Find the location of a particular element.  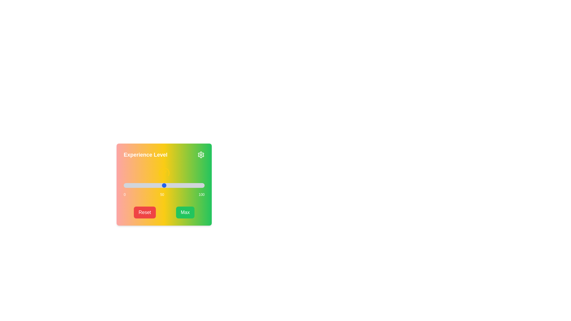

the slider to set the value to 88 is located at coordinates (195, 185).